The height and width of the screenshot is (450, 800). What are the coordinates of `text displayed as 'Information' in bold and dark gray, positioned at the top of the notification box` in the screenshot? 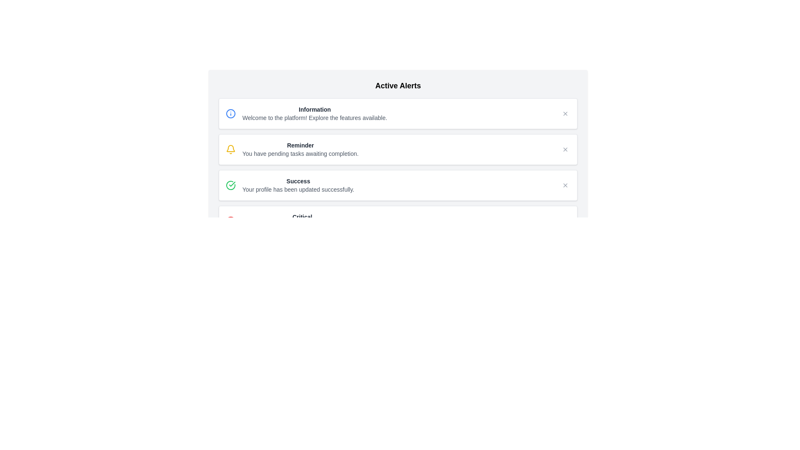 It's located at (314, 109).